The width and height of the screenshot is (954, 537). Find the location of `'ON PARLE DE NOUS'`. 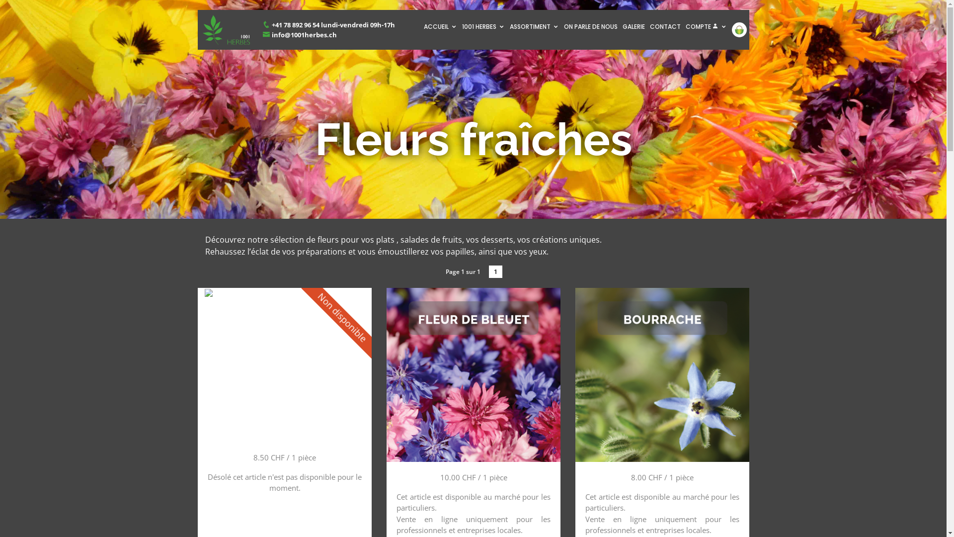

'ON PARLE DE NOUS' is located at coordinates (591, 26).